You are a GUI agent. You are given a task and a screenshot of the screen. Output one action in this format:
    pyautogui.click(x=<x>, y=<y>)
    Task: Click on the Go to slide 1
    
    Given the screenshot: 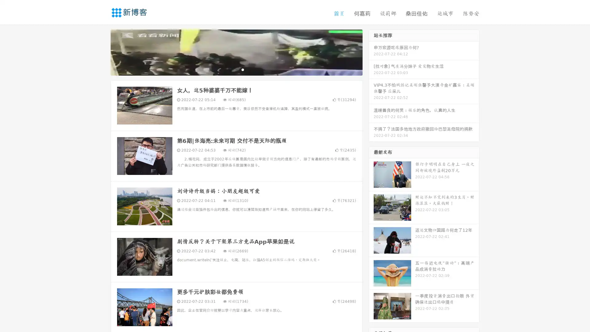 What is the action you would take?
    pyautogui.click(x=230, y=69)
    